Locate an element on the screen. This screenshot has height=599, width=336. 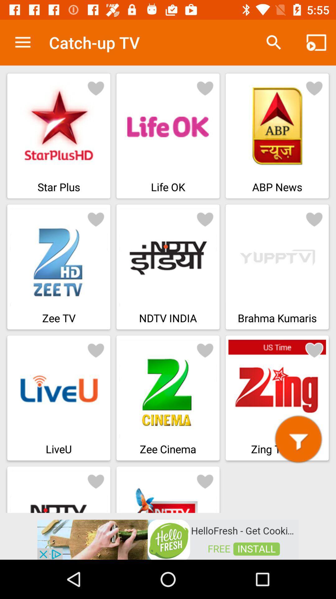
adding favorites heart button is located at coordinates (314, 350).